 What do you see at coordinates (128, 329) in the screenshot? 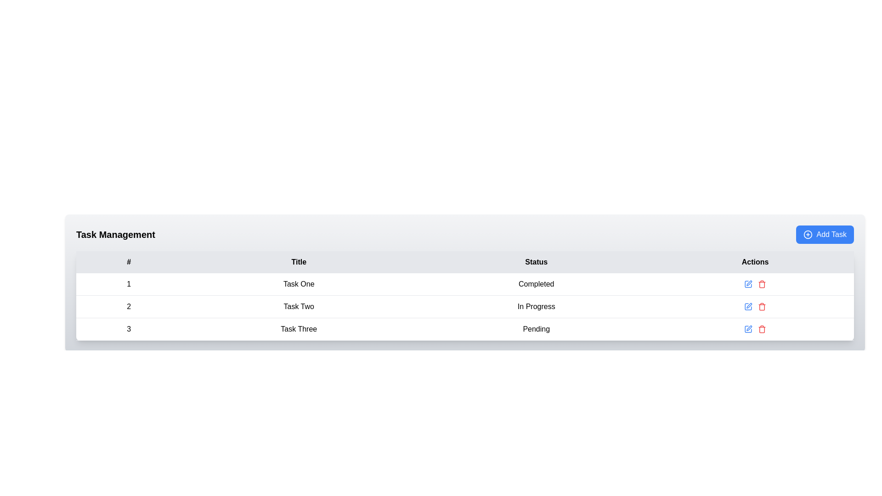
I see `text content of the sequential identifier in the first column of the third row within the task management table, which serves as a reference or index` at bounding box center [128, 329].